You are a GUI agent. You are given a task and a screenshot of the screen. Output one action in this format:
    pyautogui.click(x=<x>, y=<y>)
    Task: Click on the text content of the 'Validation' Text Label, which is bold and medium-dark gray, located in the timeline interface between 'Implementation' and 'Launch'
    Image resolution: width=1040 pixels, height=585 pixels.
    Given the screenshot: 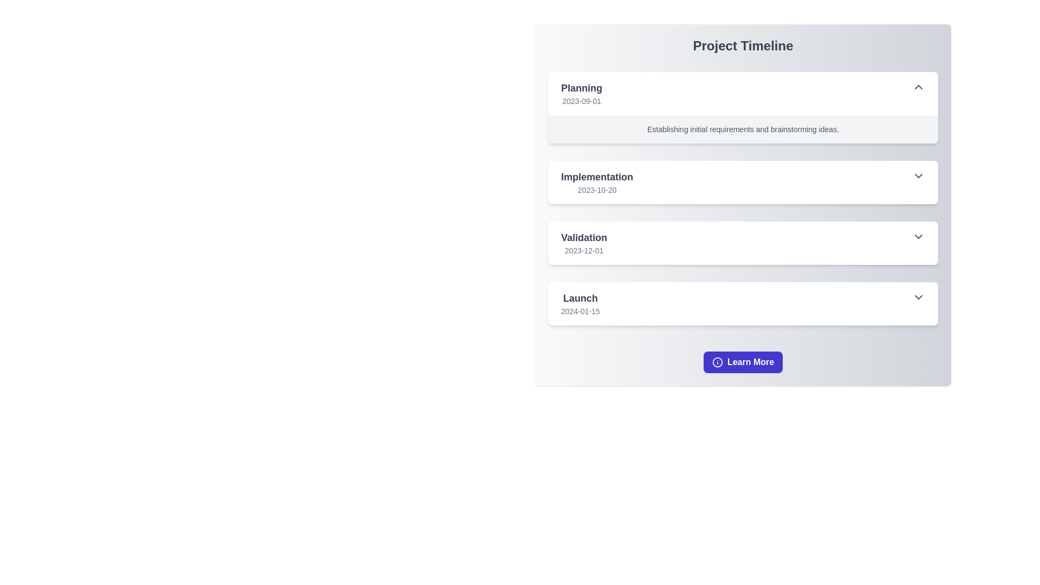 What is the action you would take?
    pyautogui.click(x=583, y=237)
    